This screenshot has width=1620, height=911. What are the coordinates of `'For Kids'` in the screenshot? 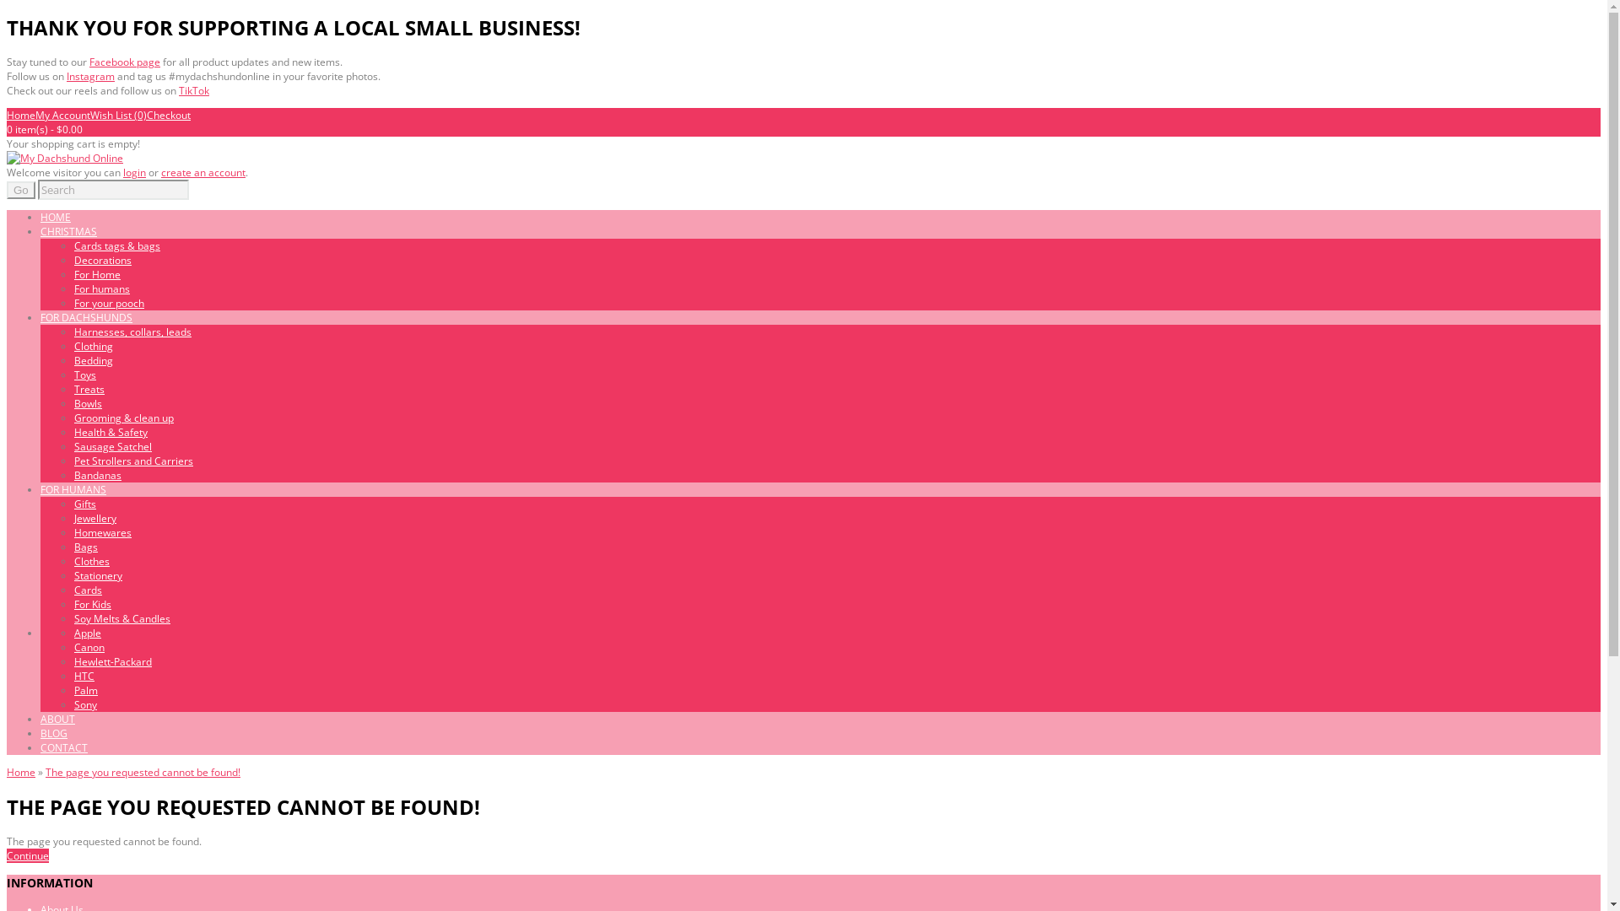 It's located at (92, 603).